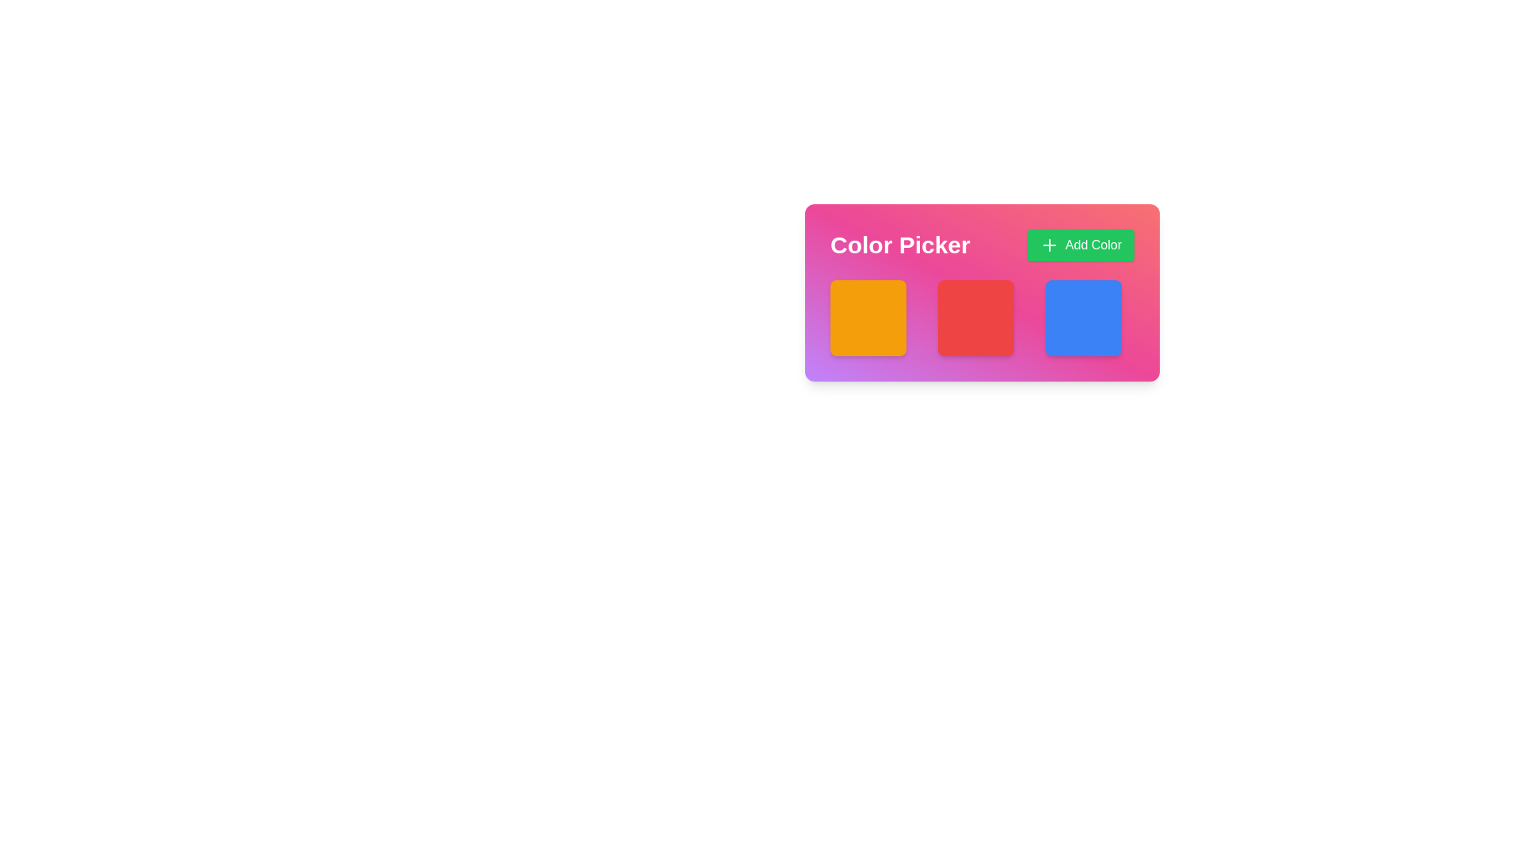  What do you see at coordinates (1082, 317) in the screenshot?
I see `the third selectable color square in the color picker interface` at bounding box center [1082, 317].